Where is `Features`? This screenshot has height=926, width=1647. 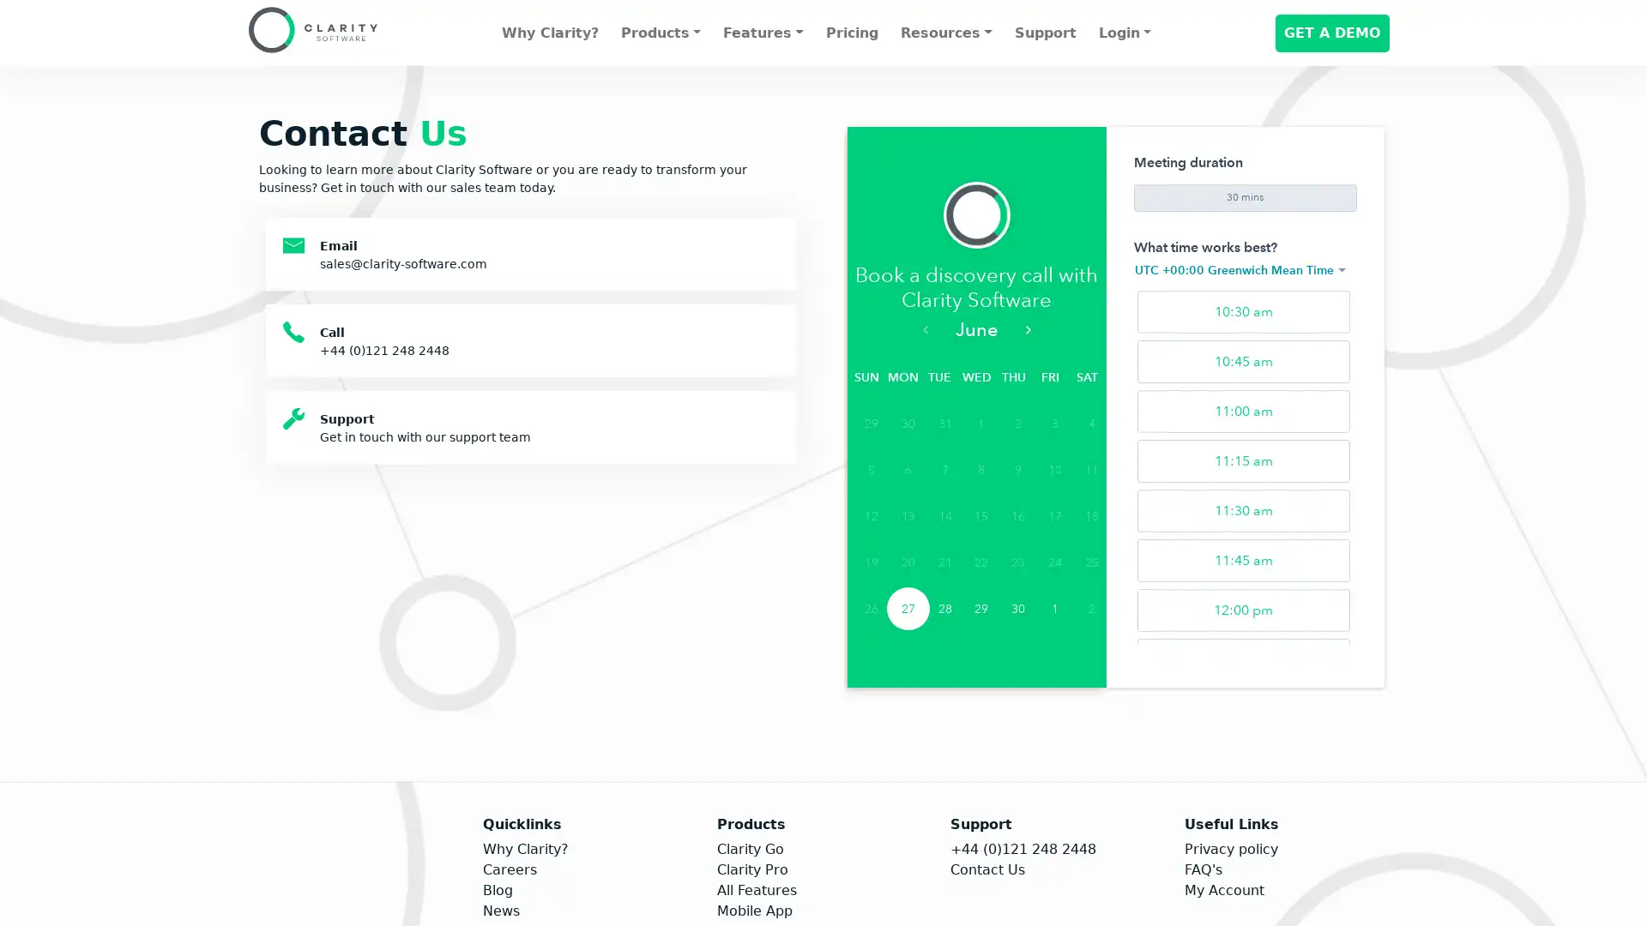
Features is located at coordinates (762, 33).